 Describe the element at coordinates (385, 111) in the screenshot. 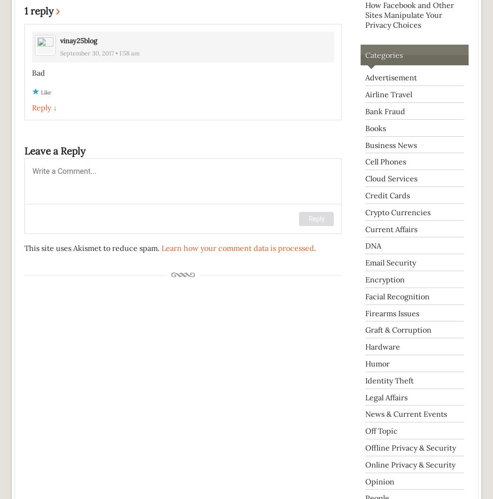

I see `'Bank Fraud'` at that location.